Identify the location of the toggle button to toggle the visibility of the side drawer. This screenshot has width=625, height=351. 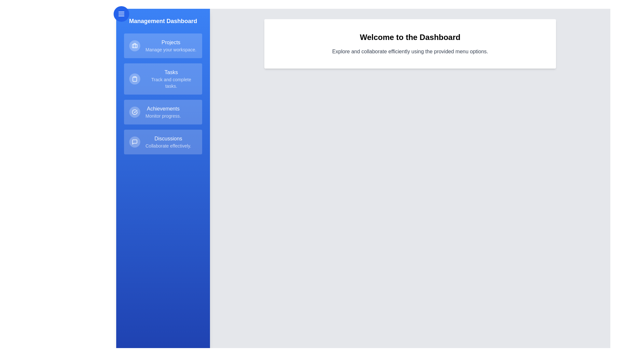
(121, 14).